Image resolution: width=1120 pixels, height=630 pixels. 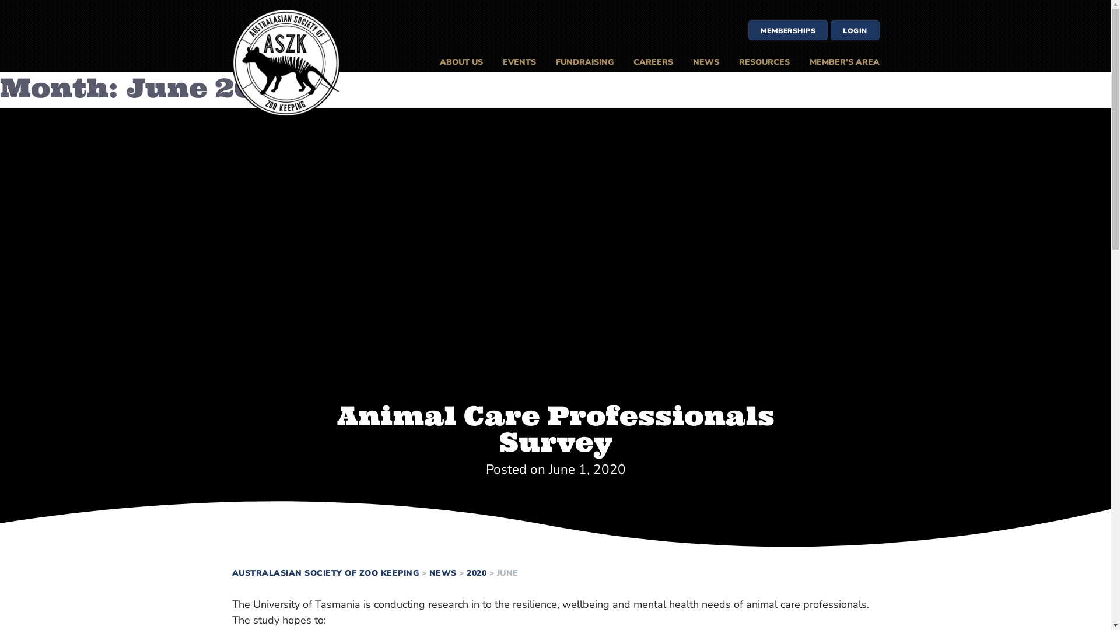 What do you see at coordinates (325, 572) in the screenshot?
I see `'AUSTRALASIAN SOCIETY OF ZOO KEEPING'` at bounding box center [325, 572].